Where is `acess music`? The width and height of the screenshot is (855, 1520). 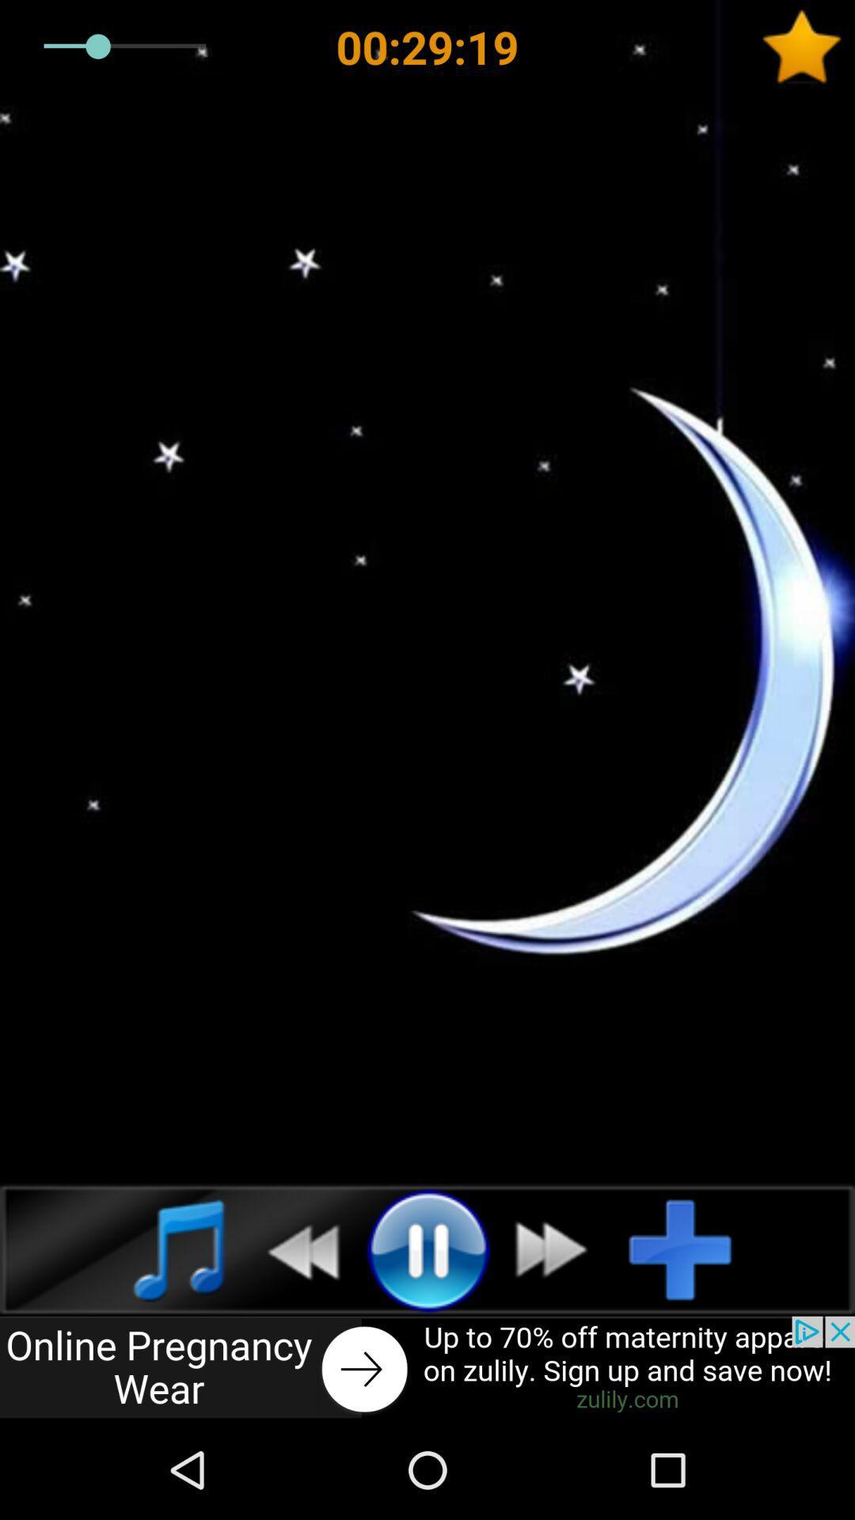
acess music is located at coordinates (161, 1248).